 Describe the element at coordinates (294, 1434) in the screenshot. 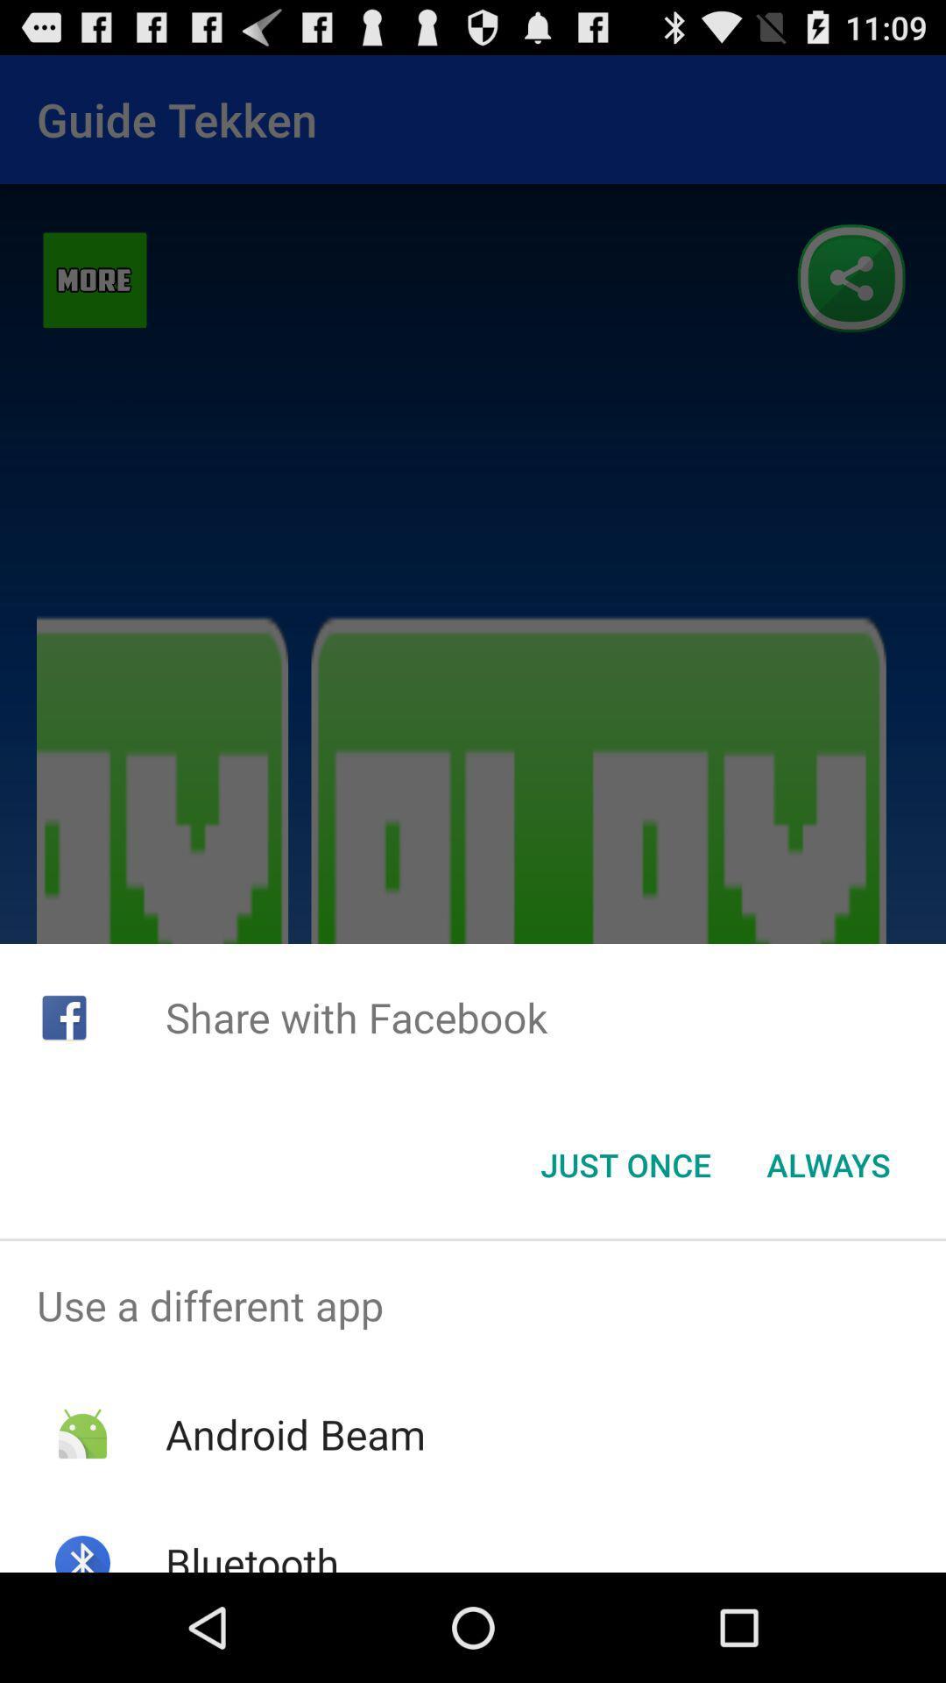

I see `android beam icon` at that location.